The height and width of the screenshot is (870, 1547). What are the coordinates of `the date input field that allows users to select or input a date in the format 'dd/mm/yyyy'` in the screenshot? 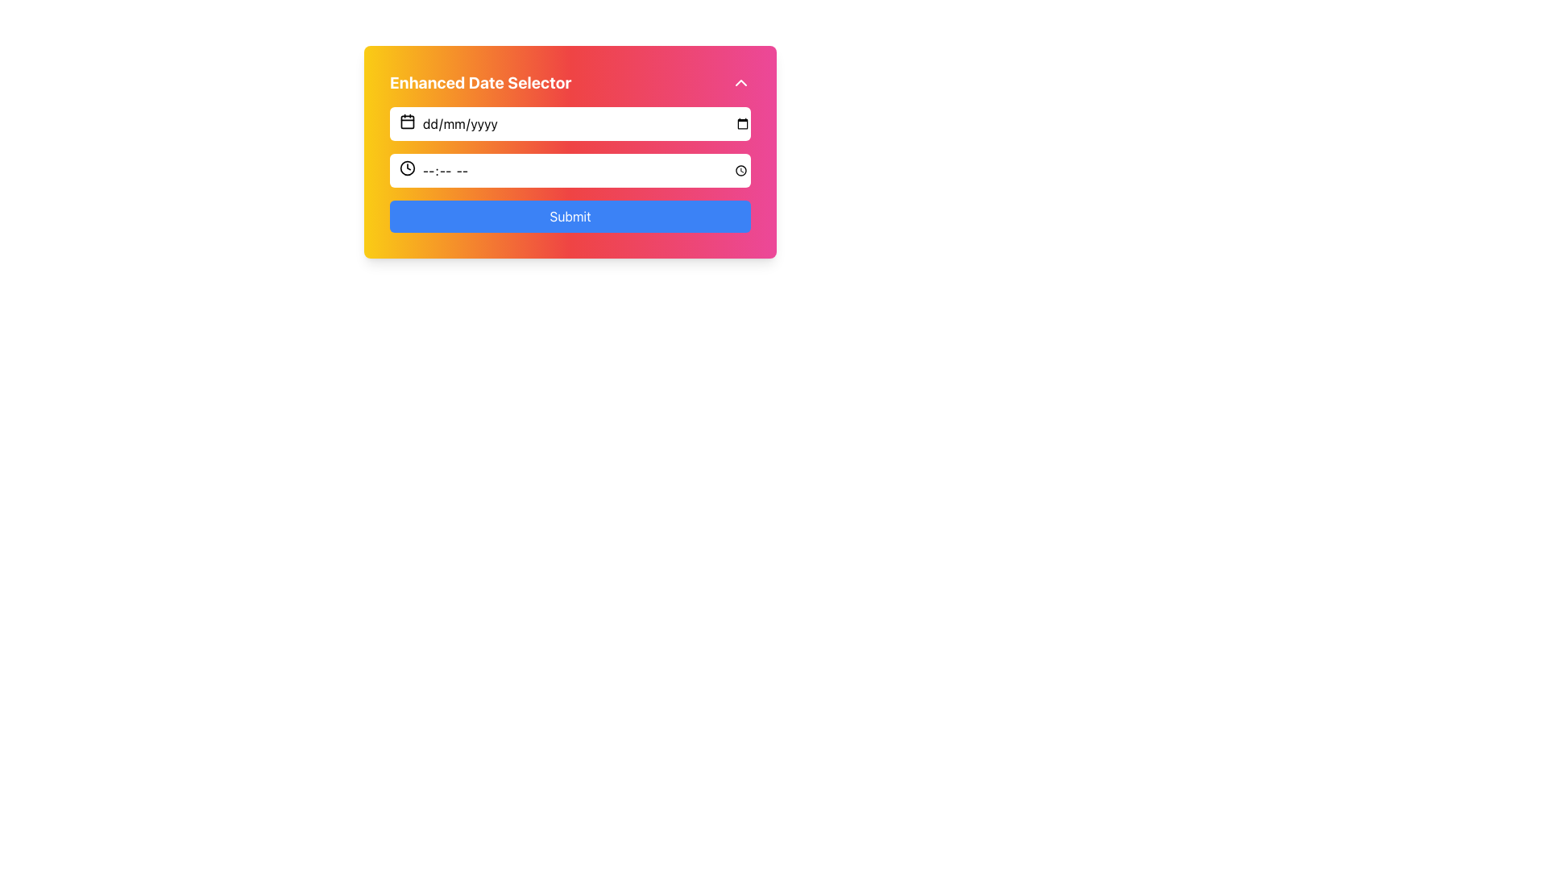 It's located at (570, 123).